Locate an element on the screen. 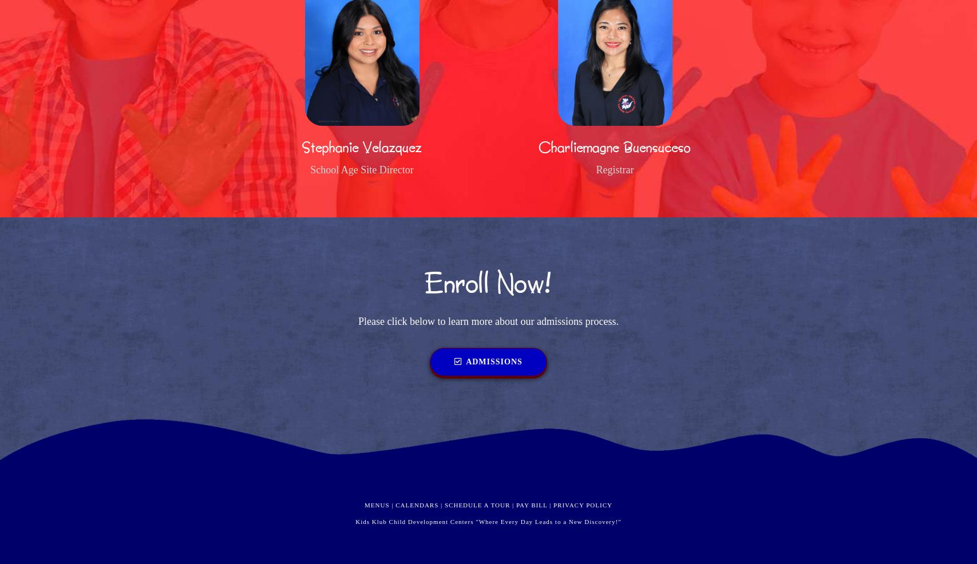  'PAY BILL' is located at coordinates (531, 503).